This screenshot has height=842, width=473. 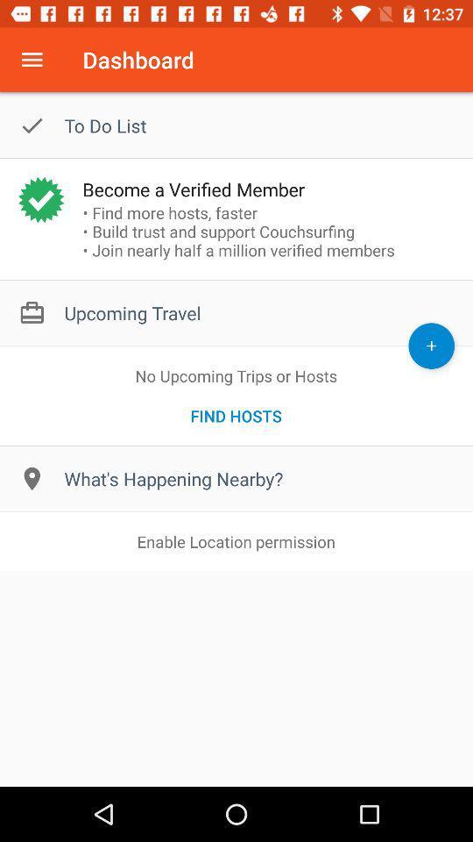 What do you see at coordinates (430, 345) in the screenshot?
I see `icon to the right of no upcoming trips icon` at bounding box center [430, 345].